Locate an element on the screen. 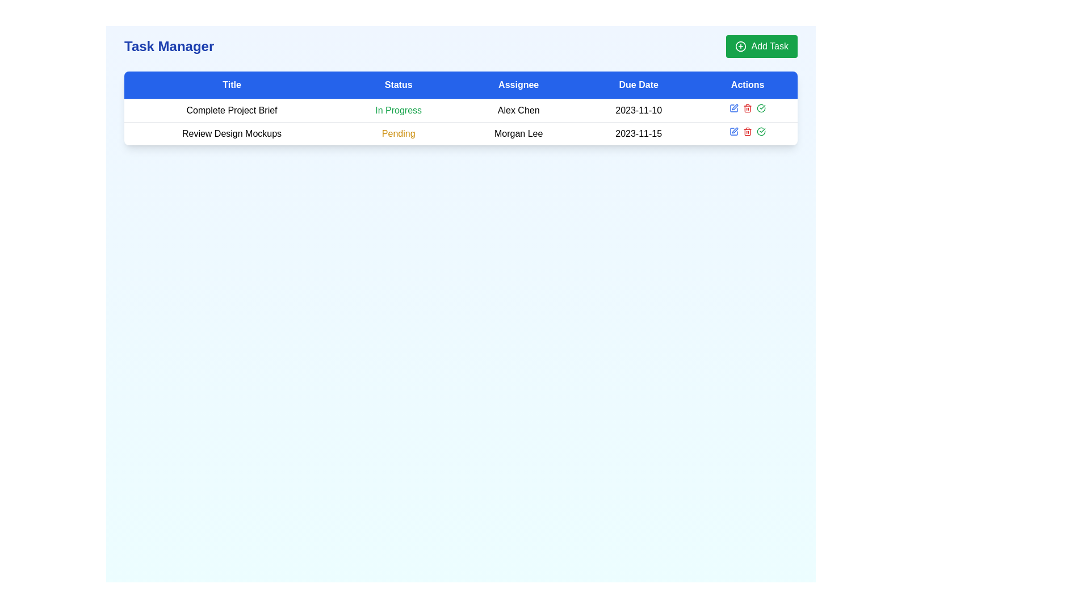  the text label indicating the assignee for the associated task in the task management interface, located in the third column of the first row under the 'Assignee' header is located at coordinates (518, 111).